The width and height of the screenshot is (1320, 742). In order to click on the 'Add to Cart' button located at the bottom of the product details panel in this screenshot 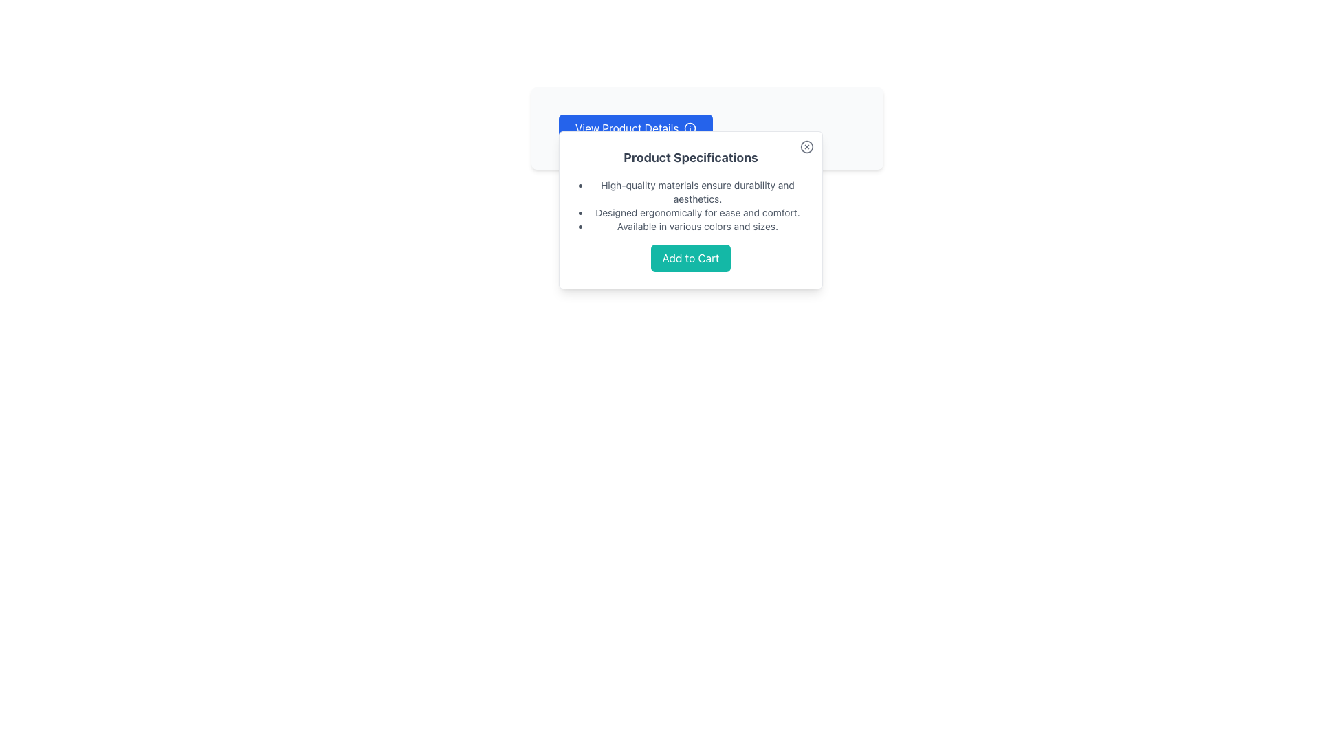, I will do `click(690, 258)`.